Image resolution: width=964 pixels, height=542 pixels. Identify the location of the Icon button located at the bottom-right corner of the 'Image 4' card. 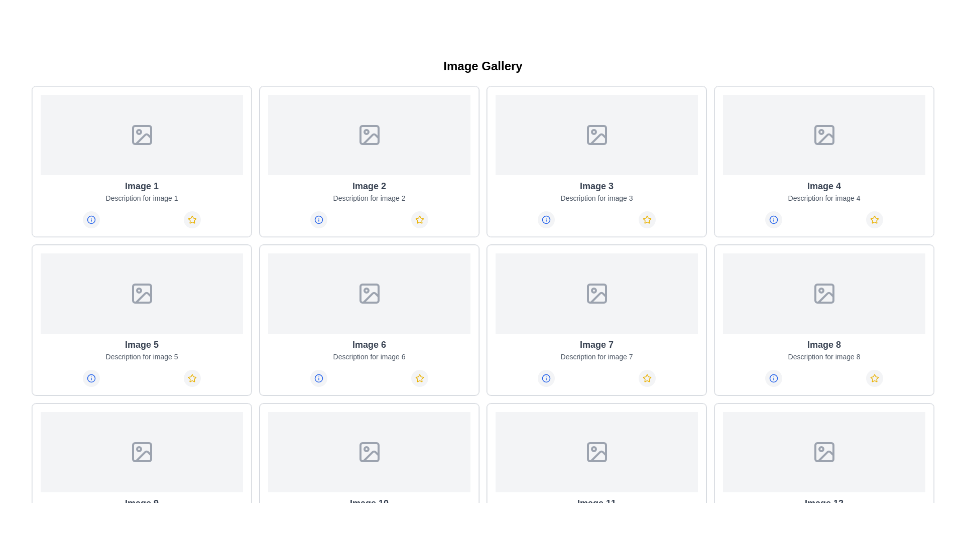
(874, 219).